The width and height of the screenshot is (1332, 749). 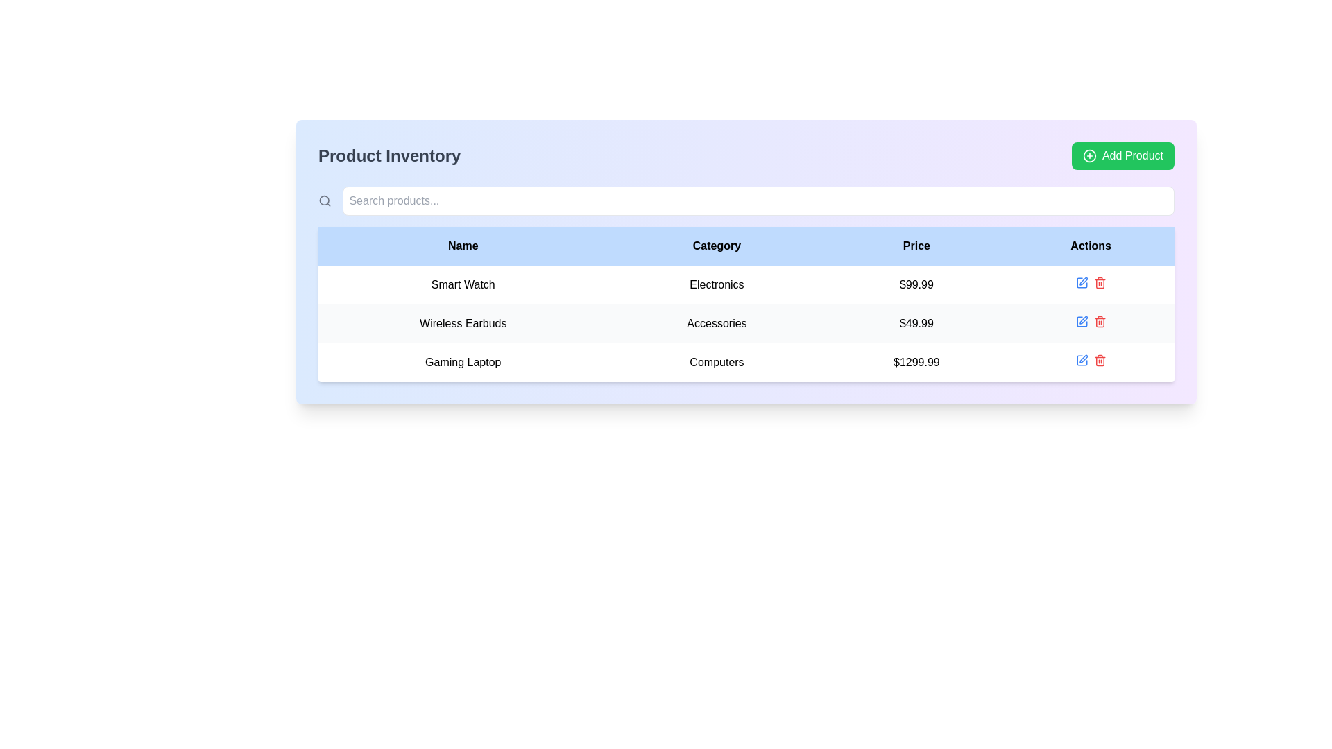 I want to click on the circular part of the SVG graphic representing the search icon, located near the left boundary of the search bar in the header section, so click(x=323, y=200).